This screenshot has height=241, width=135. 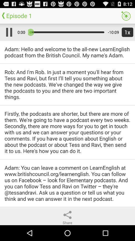 What do you see at coordinates (125, 16) in the screenshot?
I see `green image right to episode 1` at bounding box center [125, 16].